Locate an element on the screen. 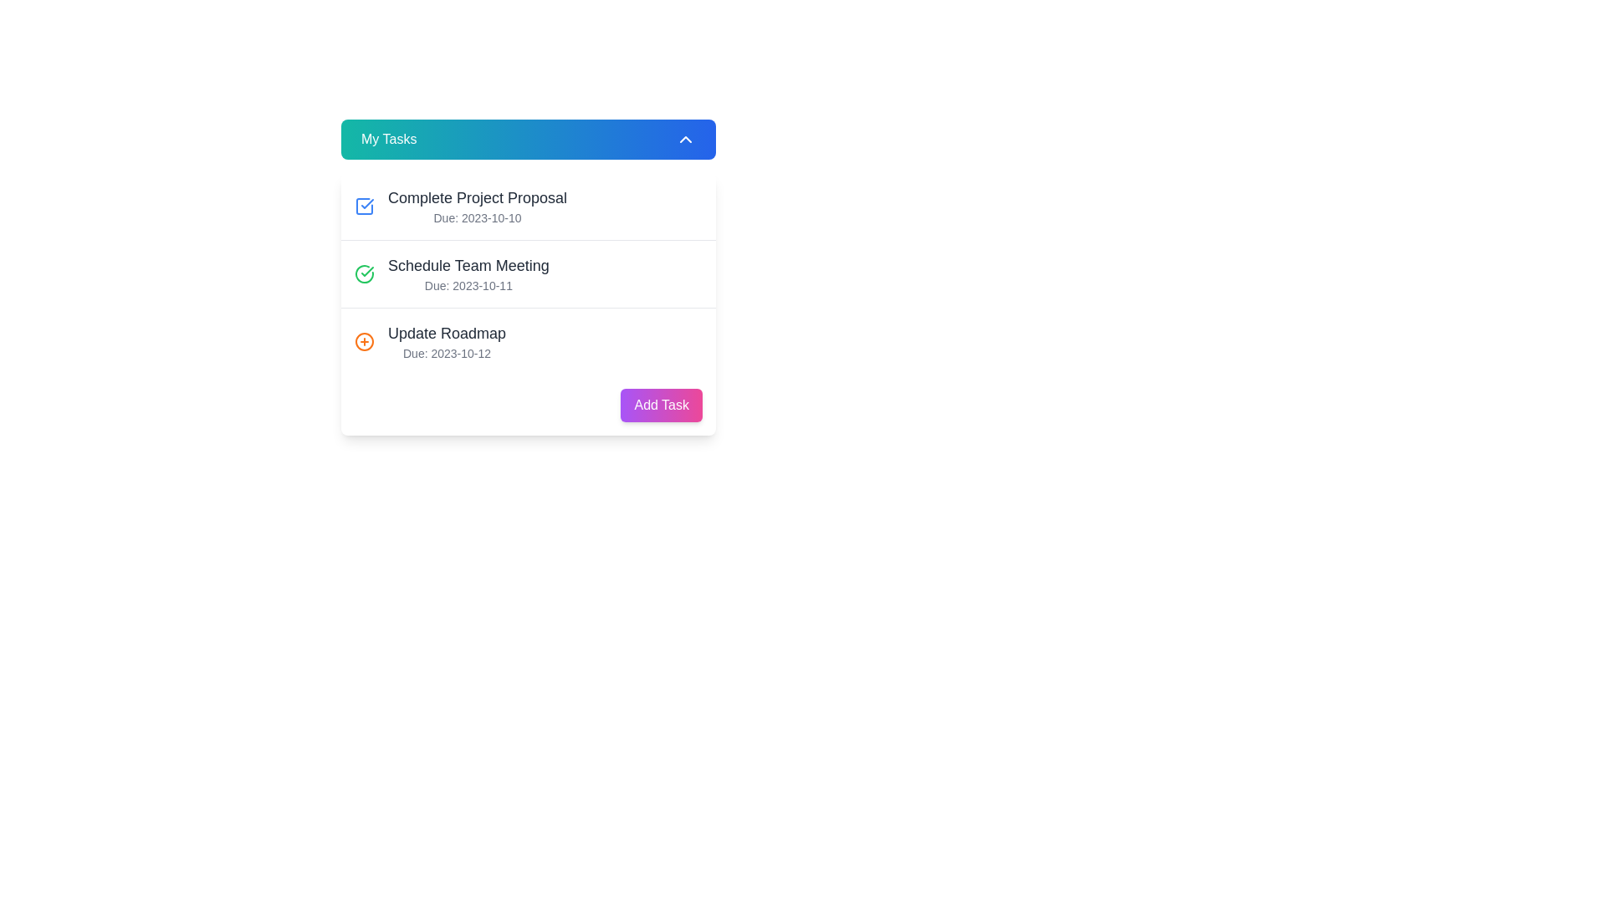 The width and height of the screenshot is (1606, 903). the first task item is located at coordinates (528, 205).